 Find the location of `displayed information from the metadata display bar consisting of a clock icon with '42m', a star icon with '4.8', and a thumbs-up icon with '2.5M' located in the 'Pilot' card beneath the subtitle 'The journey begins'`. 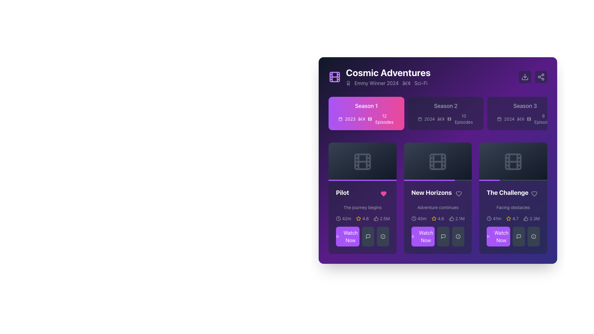

displayed information from the metadata display bar consisting of a clock icon with '42m', a star icon with '4.8', and a thumbs-up icon with '2.5M' located in the 'Pilot' card beneath the subtitle 'The journey begins' is located at coordinates (362, 218).